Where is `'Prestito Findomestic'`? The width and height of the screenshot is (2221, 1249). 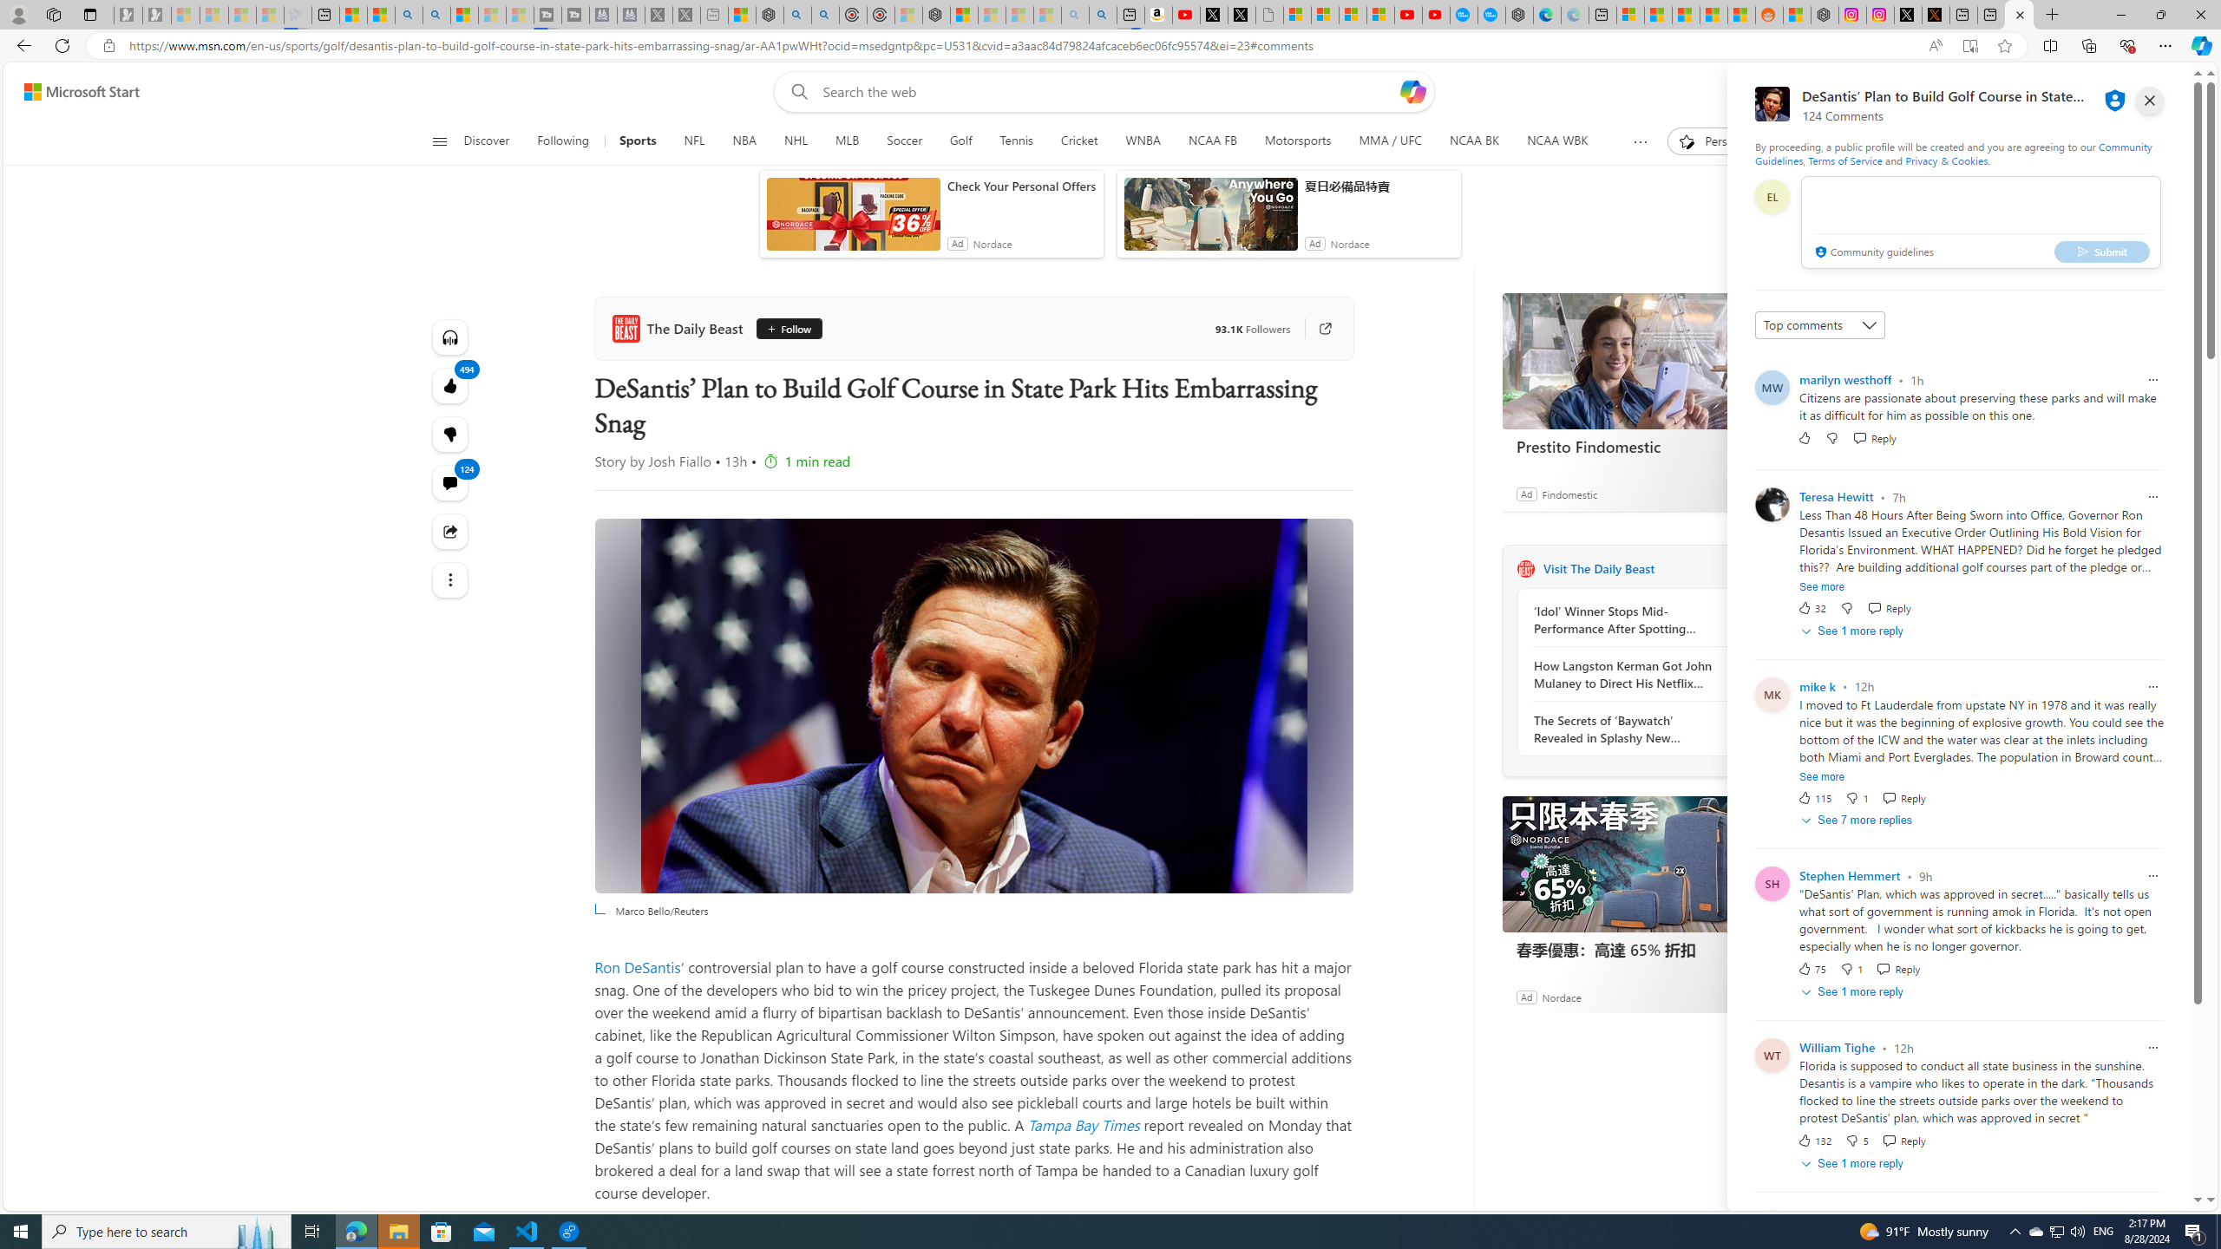 'Prestito Findomestic' is located at coordinates (1631, 360).